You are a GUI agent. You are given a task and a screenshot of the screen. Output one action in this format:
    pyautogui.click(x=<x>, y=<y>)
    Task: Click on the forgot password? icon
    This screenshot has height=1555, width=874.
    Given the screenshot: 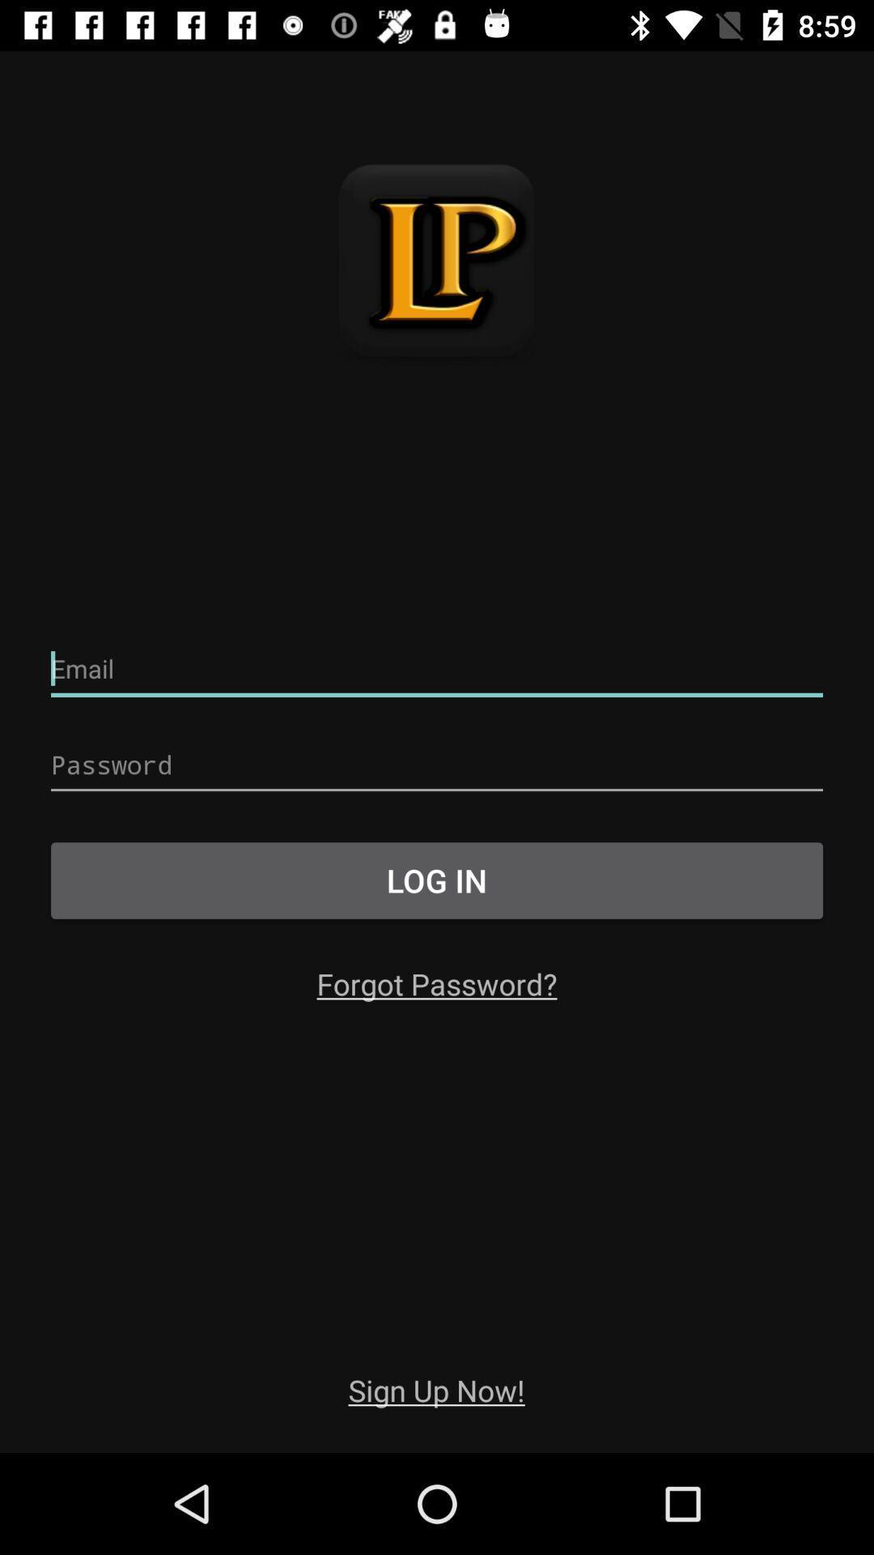 What is the action you would take?
    pyautogui.click(x=437, y=982)
    